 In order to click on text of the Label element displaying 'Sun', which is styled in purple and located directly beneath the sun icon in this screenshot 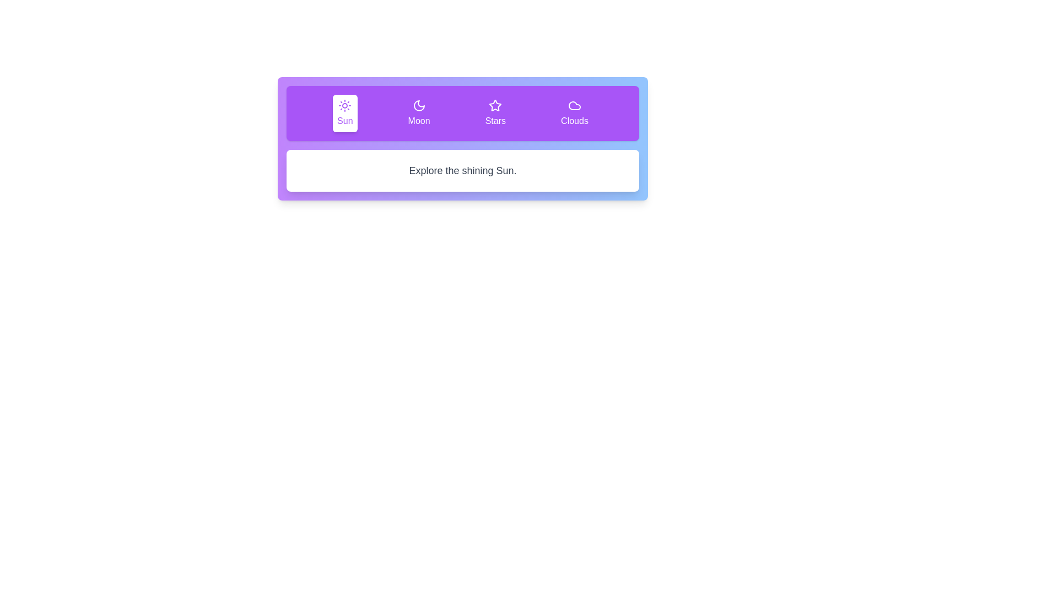, I will do `click(344, 121)`.